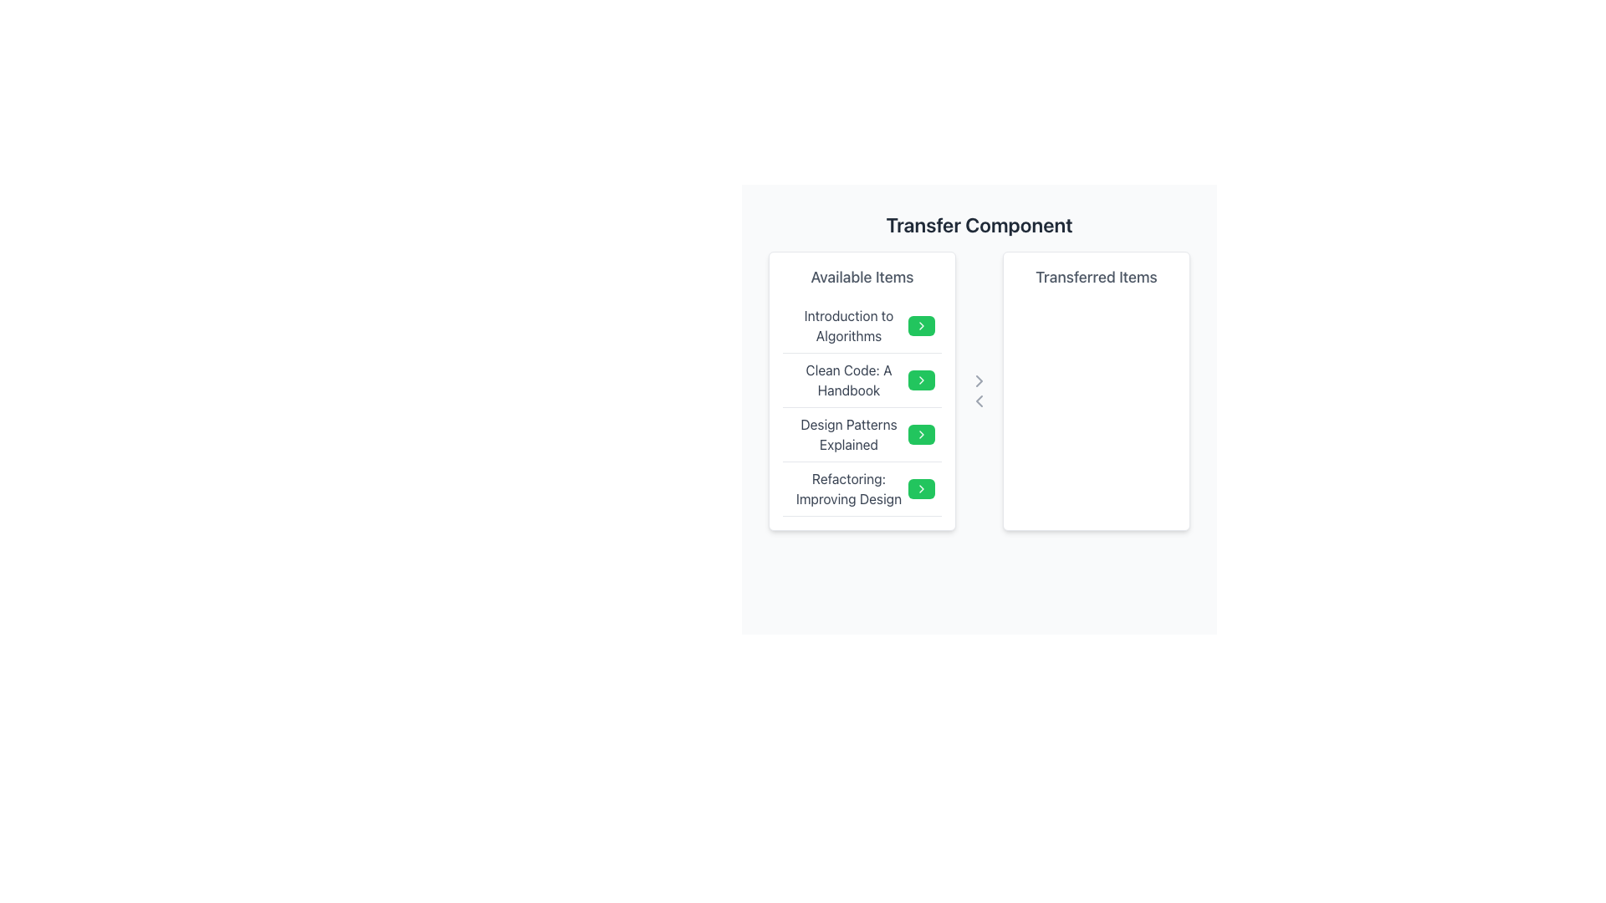  I want to click on to select the second item in the 'Available Items' list, which is 'Clean Code: A Handbook', so click(862, 380).